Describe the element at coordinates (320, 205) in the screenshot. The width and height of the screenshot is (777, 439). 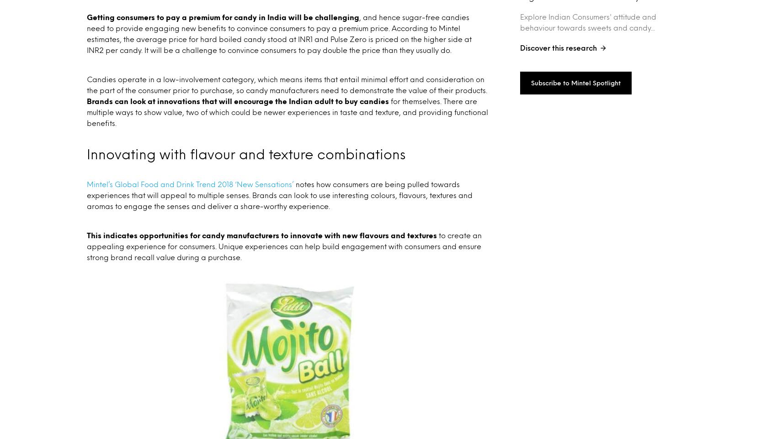
I see `'Explore what consumers want and why with Mintel Little Conversation.'` at that location.